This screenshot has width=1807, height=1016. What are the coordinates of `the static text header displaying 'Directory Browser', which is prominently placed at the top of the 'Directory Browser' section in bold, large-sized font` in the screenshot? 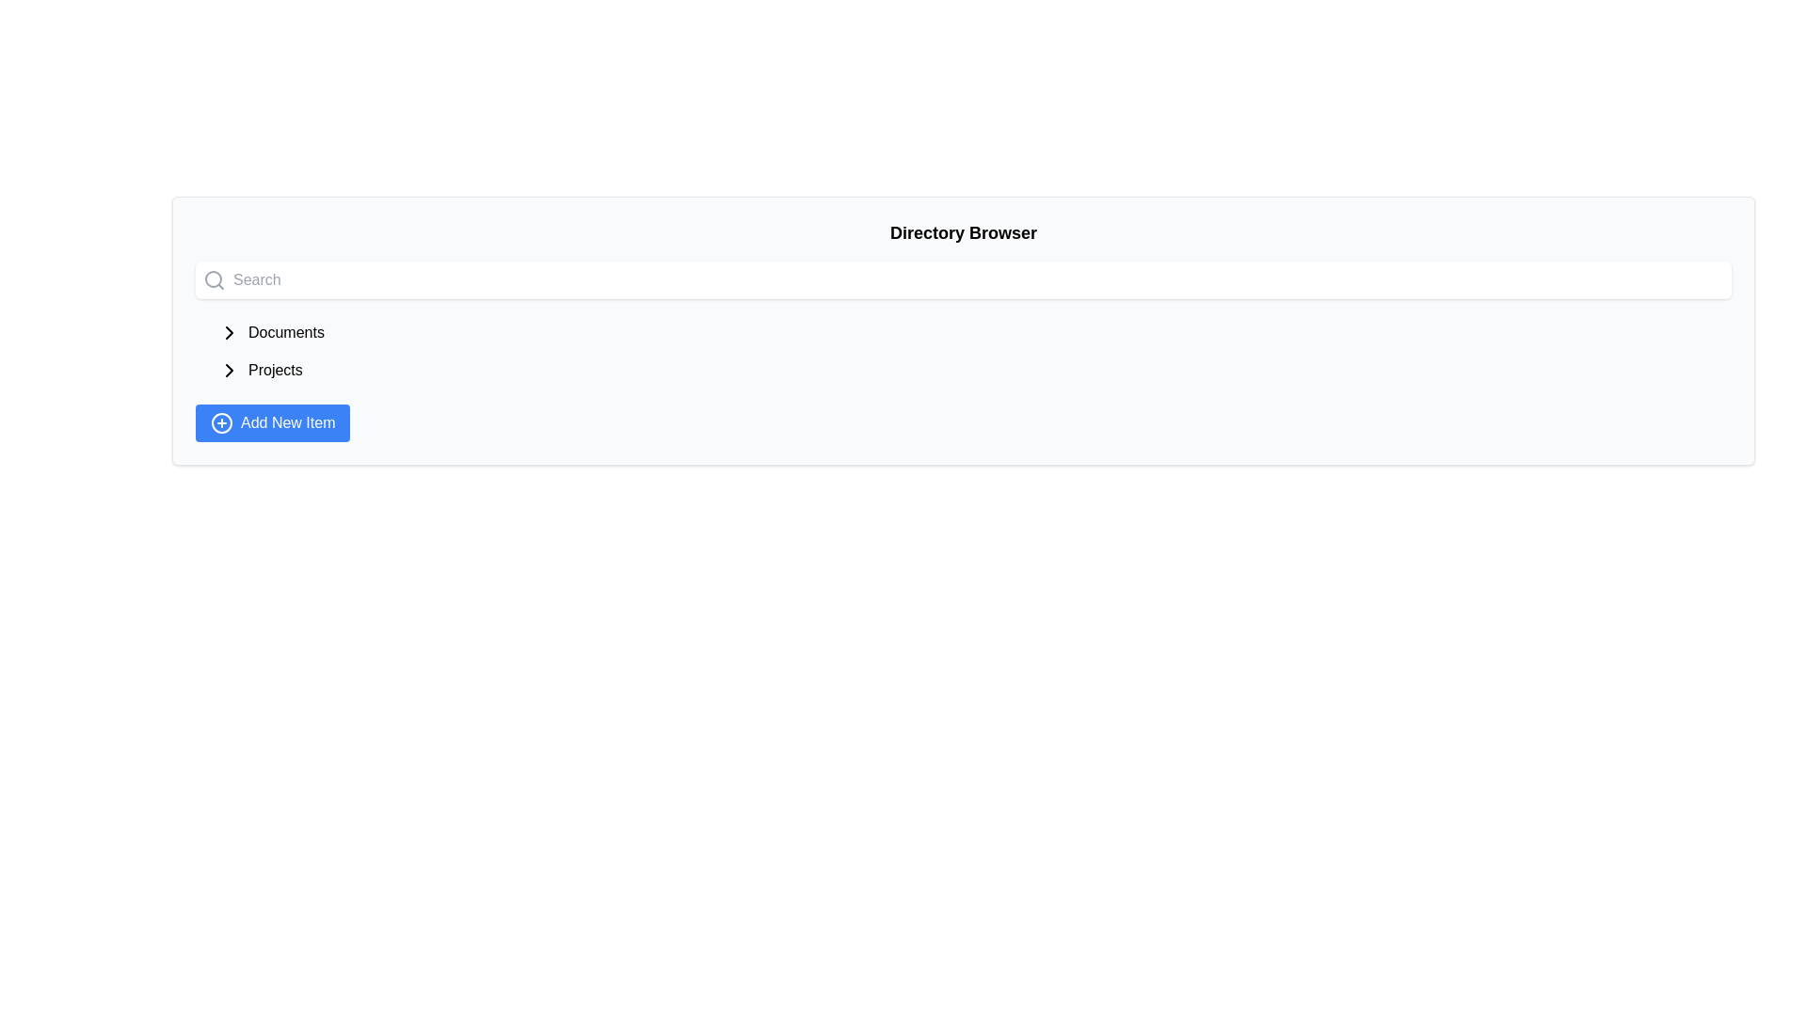 It's located at (963, 231).